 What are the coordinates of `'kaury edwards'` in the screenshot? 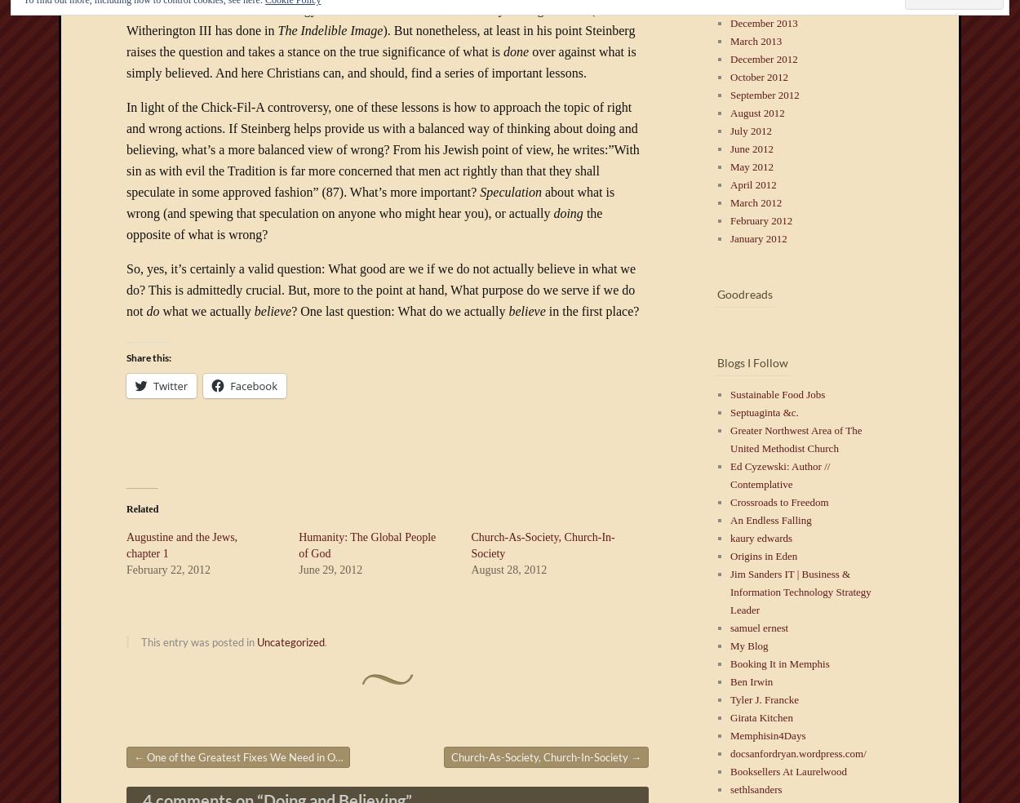 It's located at (761, 537).